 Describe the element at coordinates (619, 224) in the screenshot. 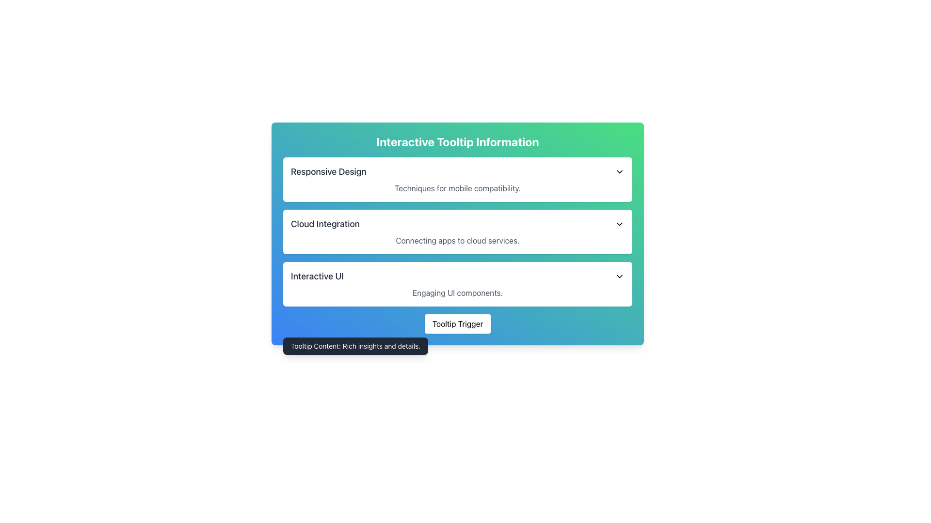

I see `the chevron icon button next to the 'Cloud Integration' label` at that location.